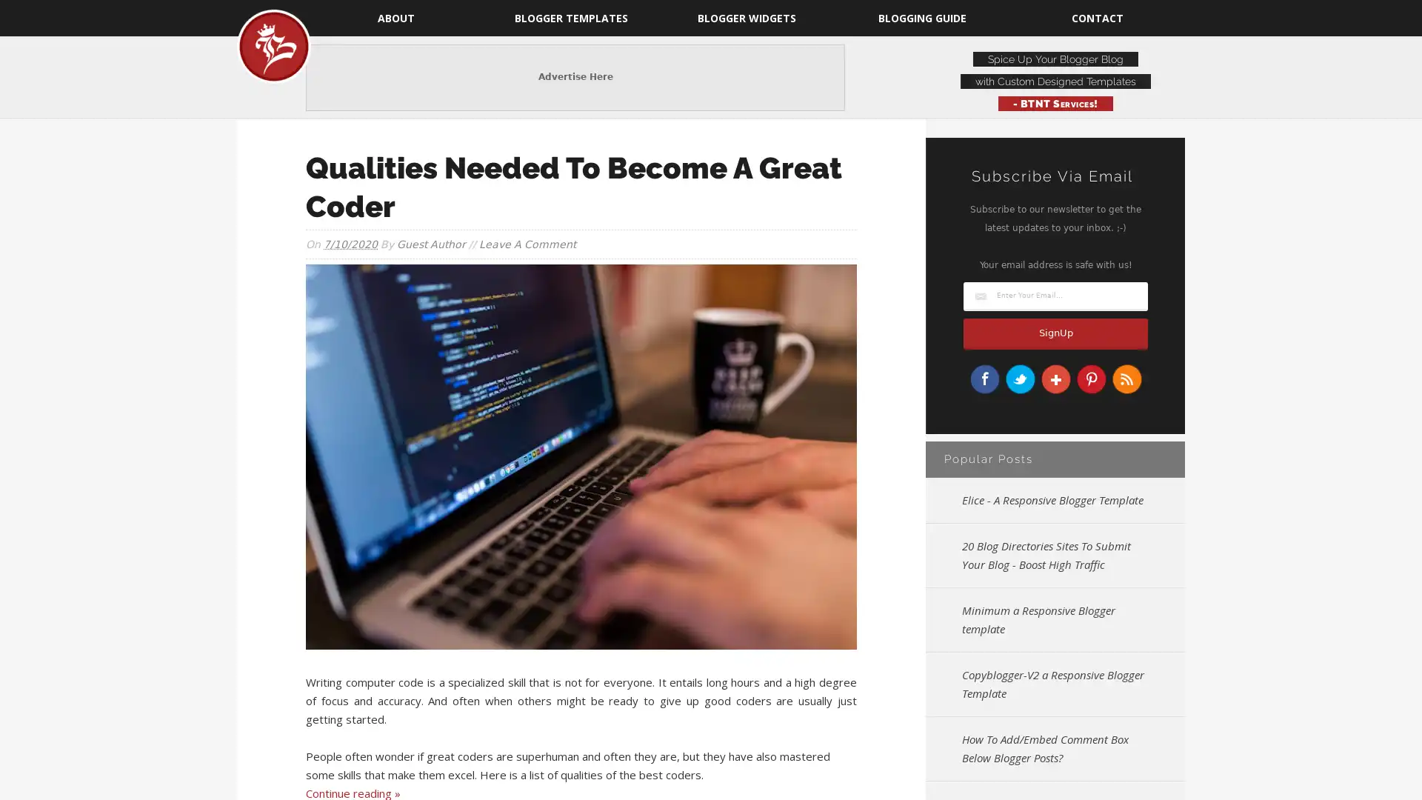 The width and height of the screenshot is (1422, 800). Describe the element at coordinates (1055, 334) in the screenshot. I see `SignUp` at that location.